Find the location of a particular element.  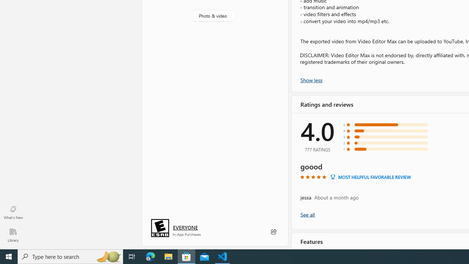

'Show less' is located at coordinates (311, 80).